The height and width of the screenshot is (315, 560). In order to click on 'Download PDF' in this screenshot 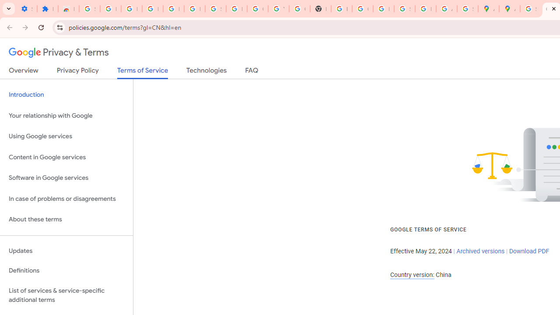, I will do `click(528, 251)`.